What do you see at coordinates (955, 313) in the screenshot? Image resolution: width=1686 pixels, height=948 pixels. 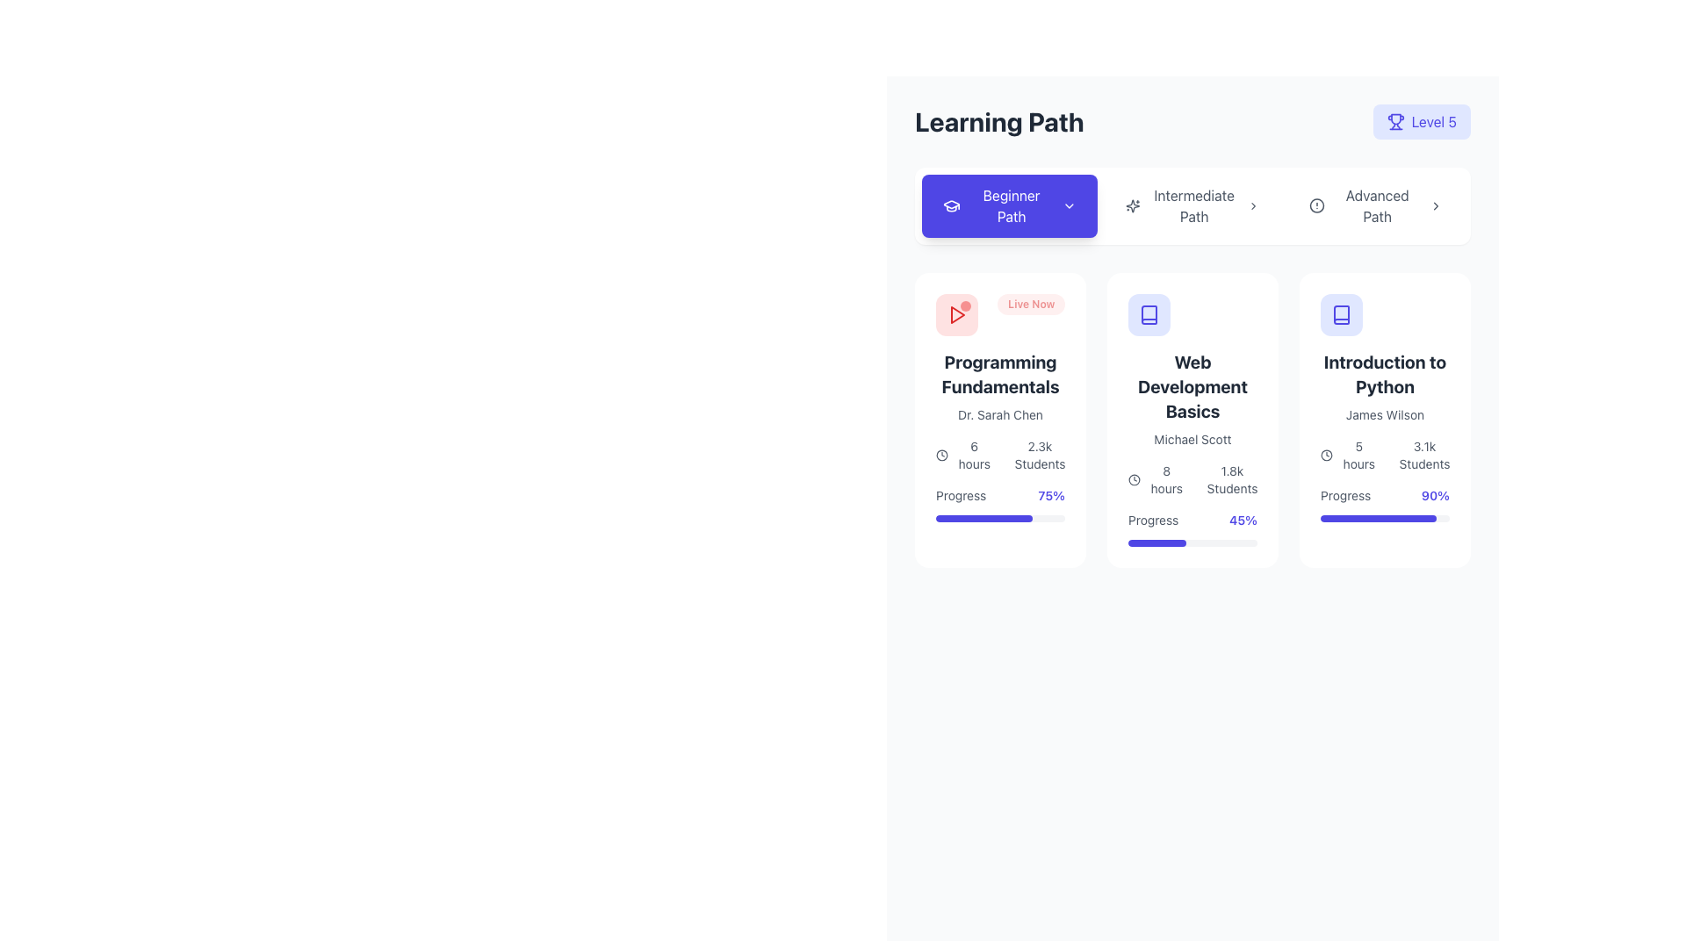 I see `the red play button located` at bounding box center [955, 313].